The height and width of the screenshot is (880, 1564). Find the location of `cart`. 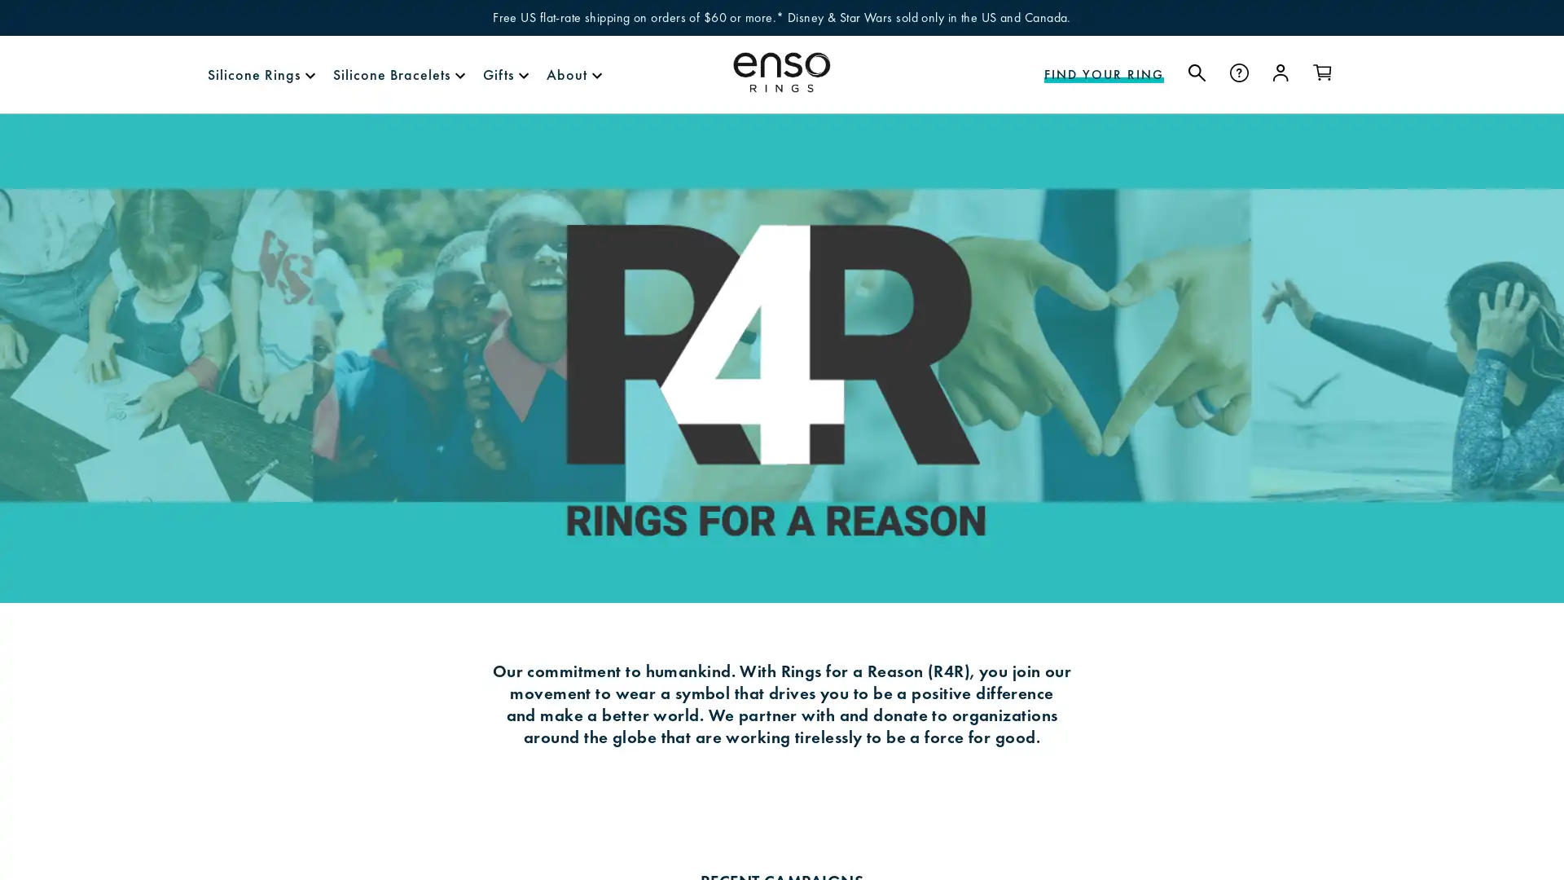

cart is located at coordinates (1322, 73).